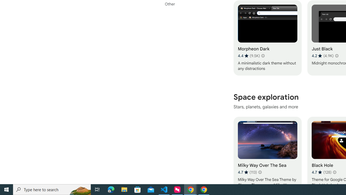  Describe the element at coordinates (336, 56) in the screenshot. I see `'Learn more about results and reviews "Just Black"'` at that location.